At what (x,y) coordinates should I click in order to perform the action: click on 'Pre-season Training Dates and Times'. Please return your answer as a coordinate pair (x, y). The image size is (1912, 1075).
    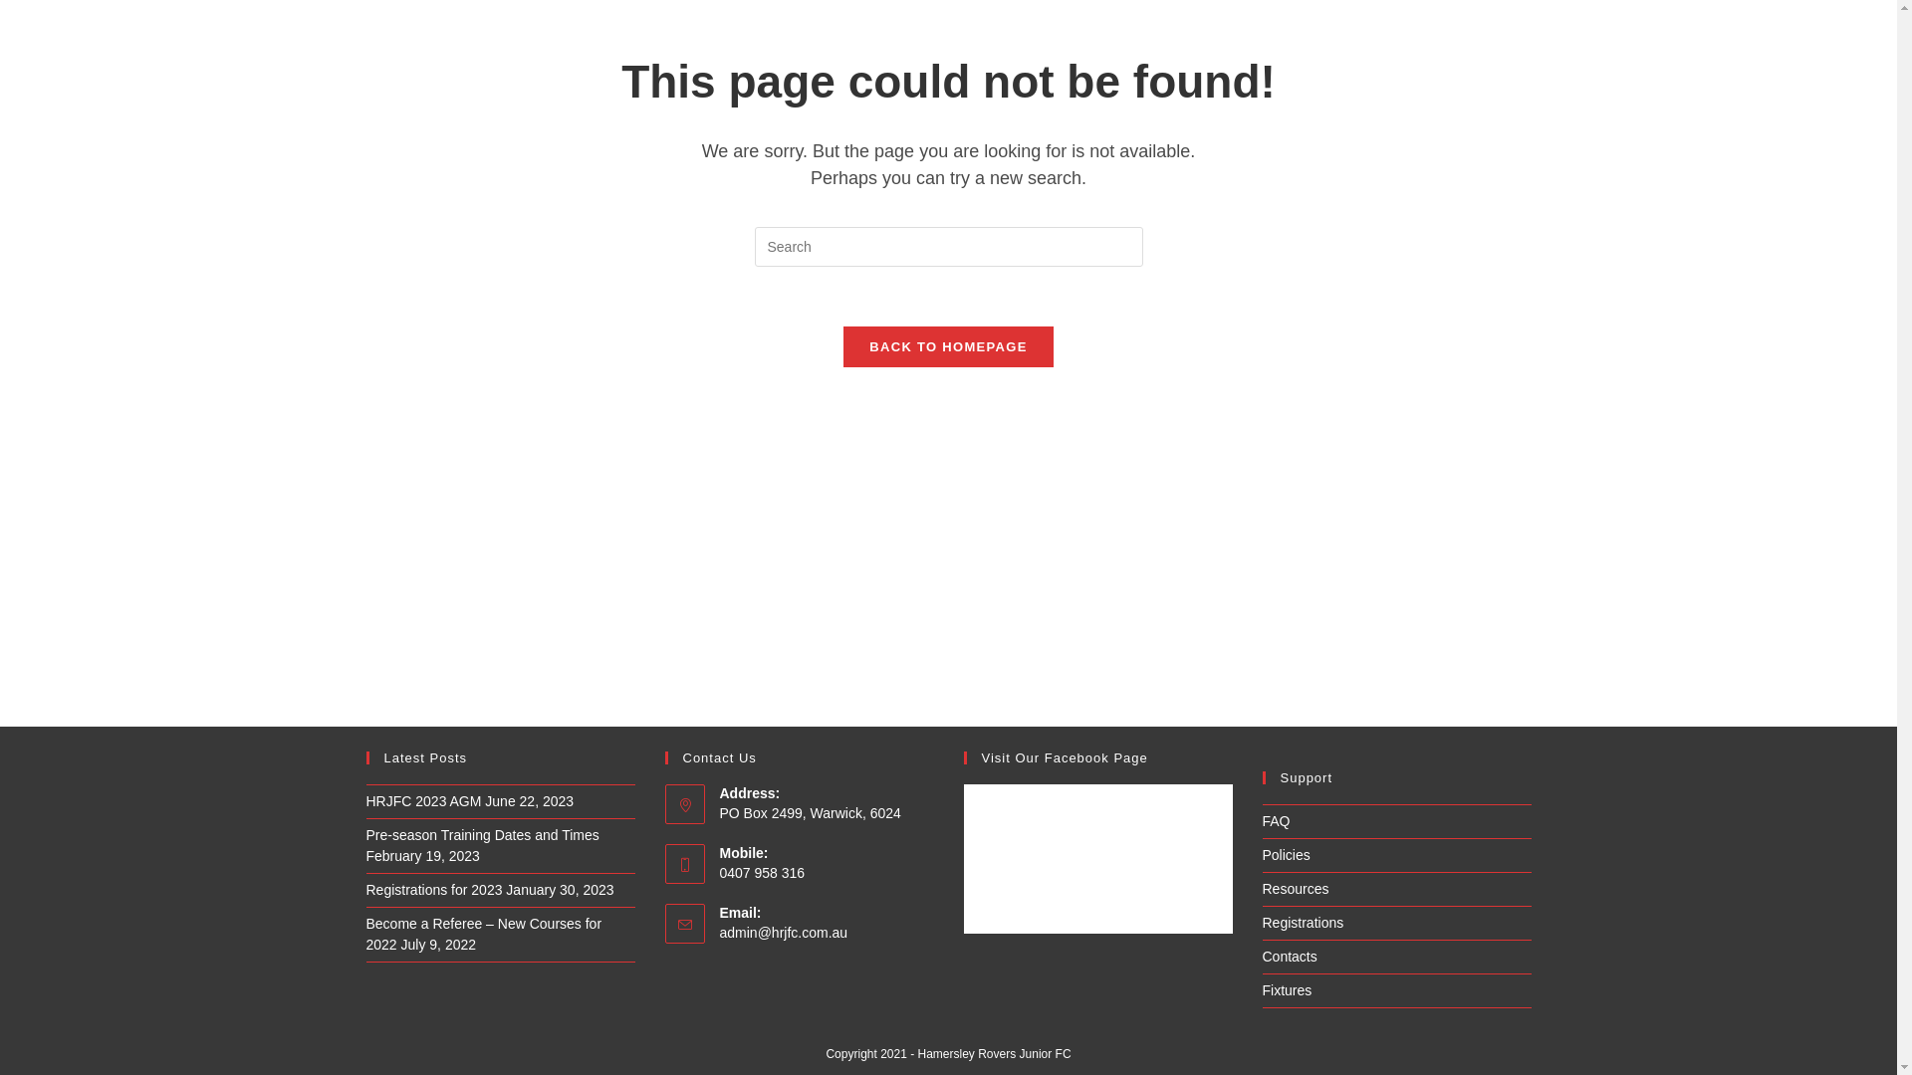
    Looking at the image, I should click on (482, 835).